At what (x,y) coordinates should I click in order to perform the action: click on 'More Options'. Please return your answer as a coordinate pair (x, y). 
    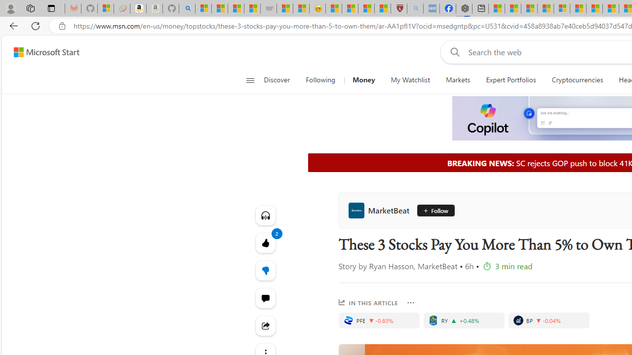
    Looking at the image, I should click on (411, 302).